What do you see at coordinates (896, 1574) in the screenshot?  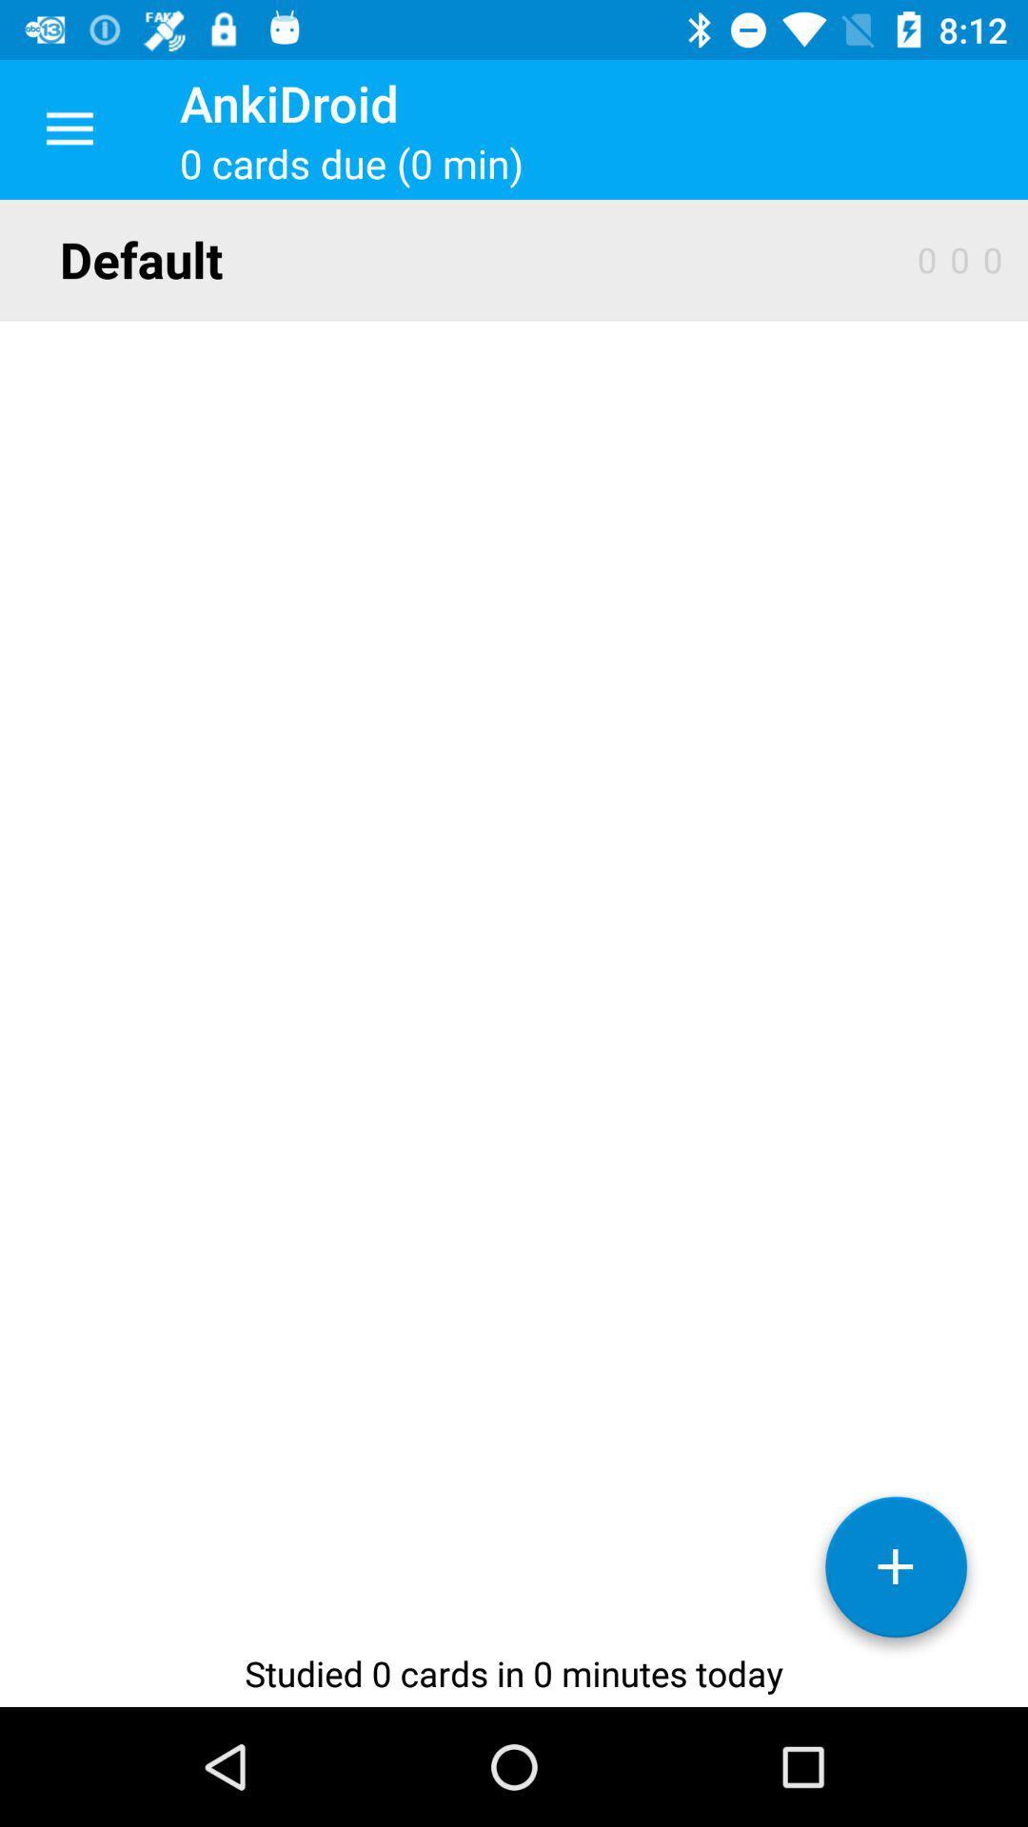 I see `the add icon` at bounding box center [896, 1574].